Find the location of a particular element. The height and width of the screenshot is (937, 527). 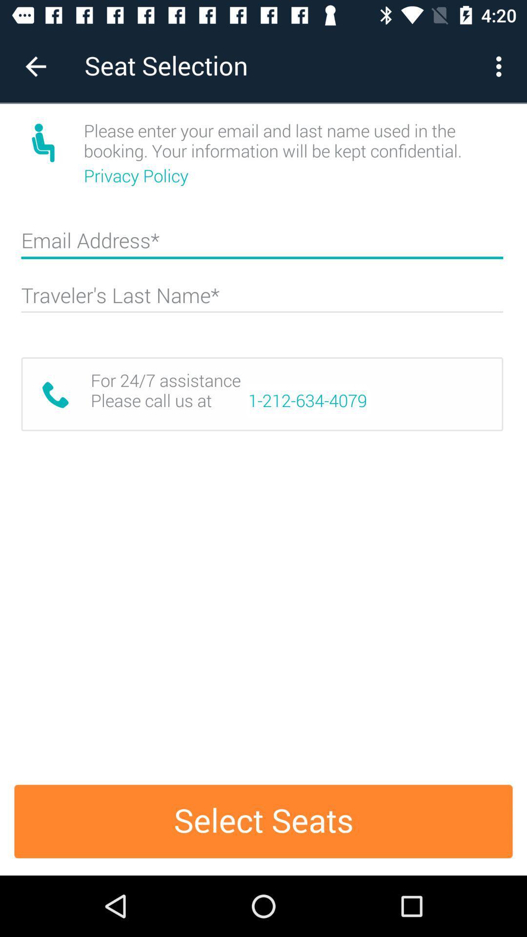

item below the for 24 7 item is located at coordinates (263, 821).